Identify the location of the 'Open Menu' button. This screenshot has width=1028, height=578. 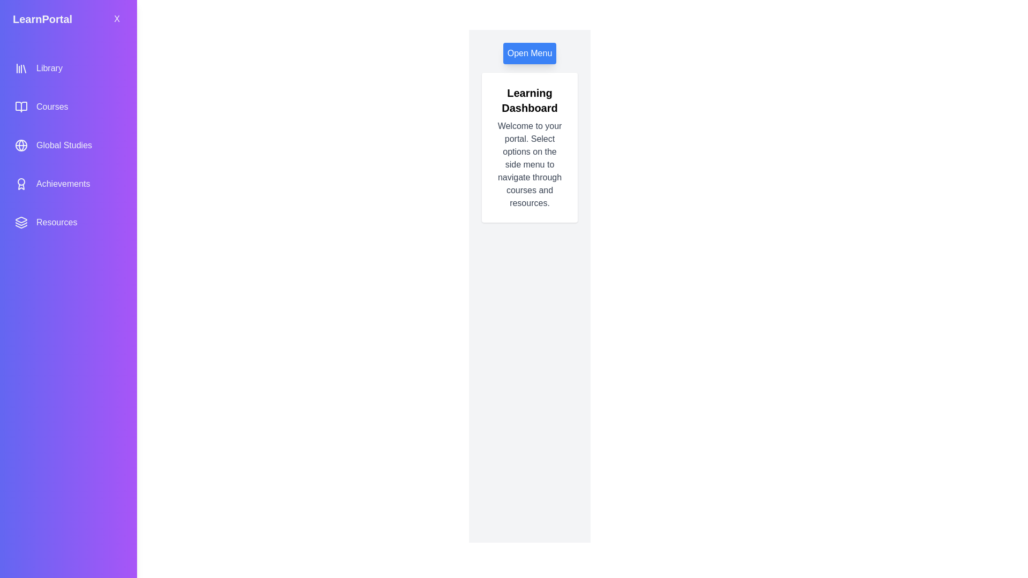
(530, 54).